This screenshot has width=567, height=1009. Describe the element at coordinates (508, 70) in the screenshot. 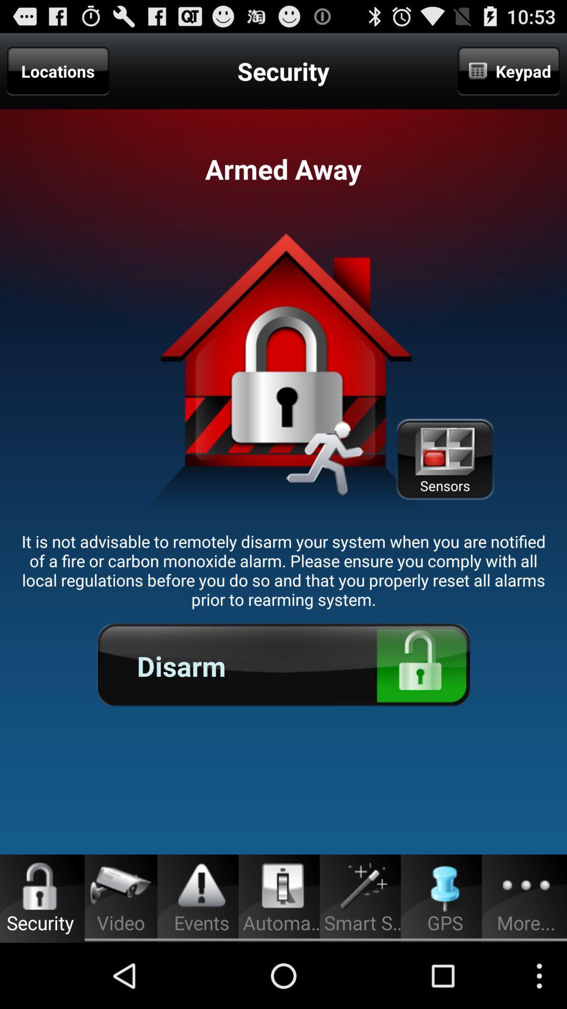

I see `the keypad` at that location.